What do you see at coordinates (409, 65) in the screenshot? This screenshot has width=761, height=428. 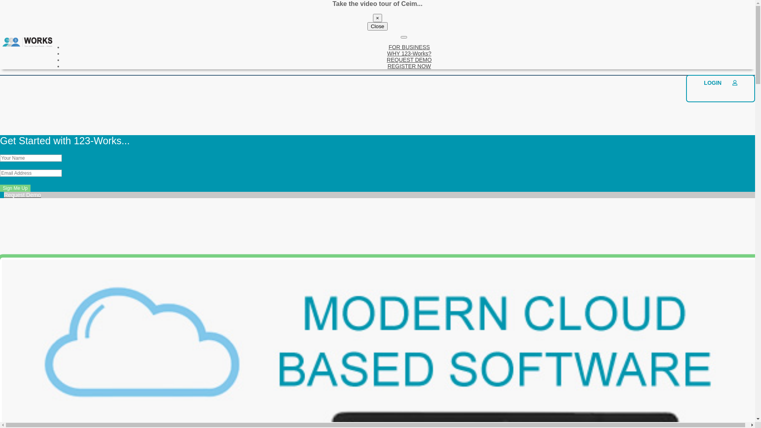 I see `'REGISTER NOW'` at bounding box center [409, 65].